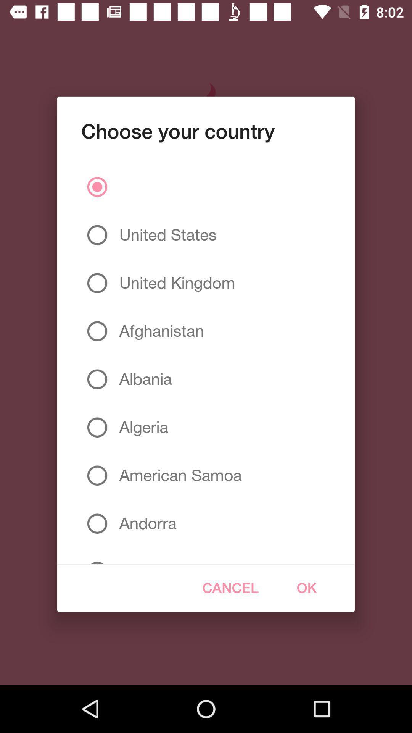 The image size is (412, 733). I want to click on the algeria item, so click(141, 427).